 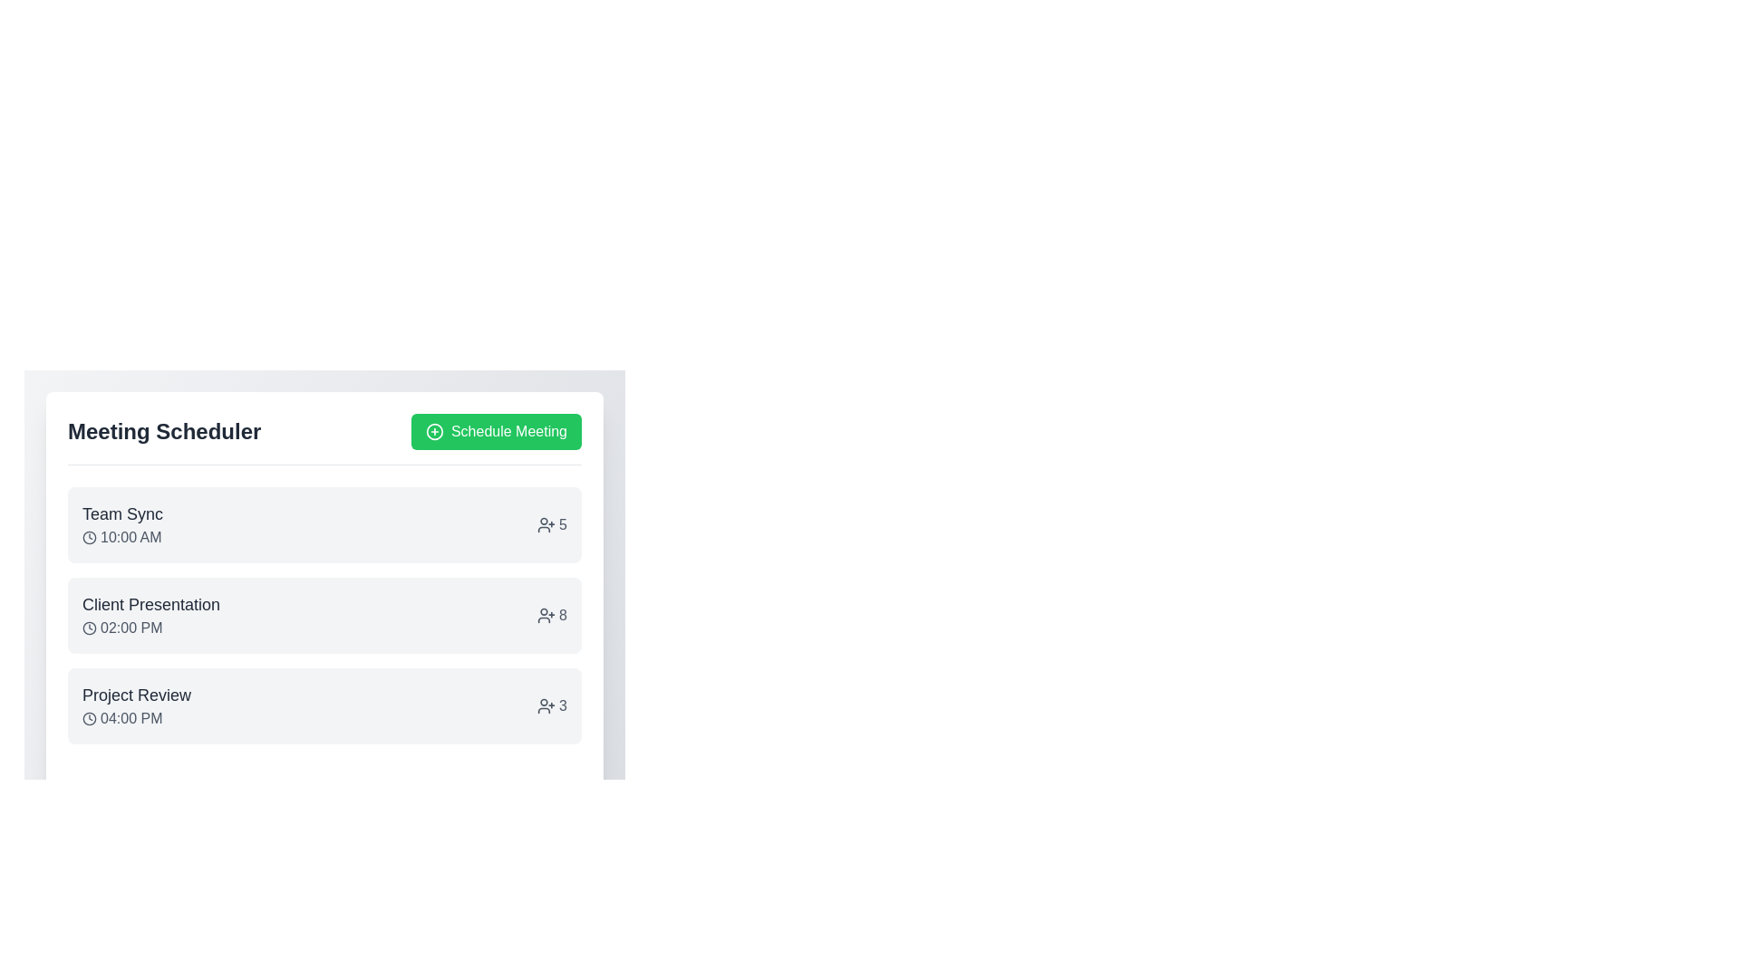 What do you see at coordinates (546, 614) in the screenshot?
I see `the icon representing the functionality for adding participants in the 'Client Presentation' meeting list item` at bounding box center [546, 614].